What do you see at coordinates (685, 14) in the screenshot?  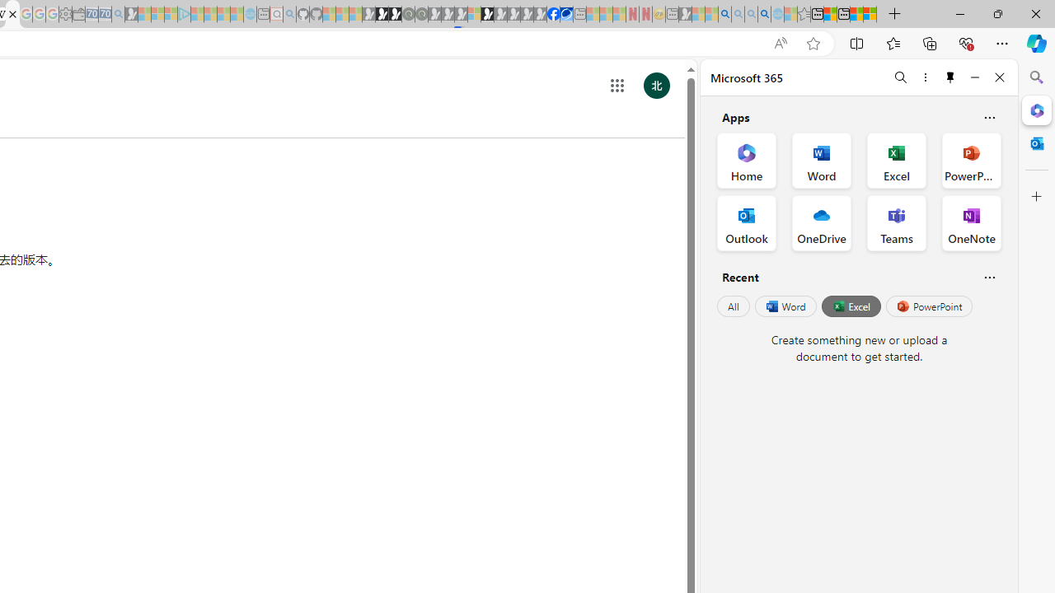 I see `'MSN - Sleeping'` at bounding box center [685, 14].